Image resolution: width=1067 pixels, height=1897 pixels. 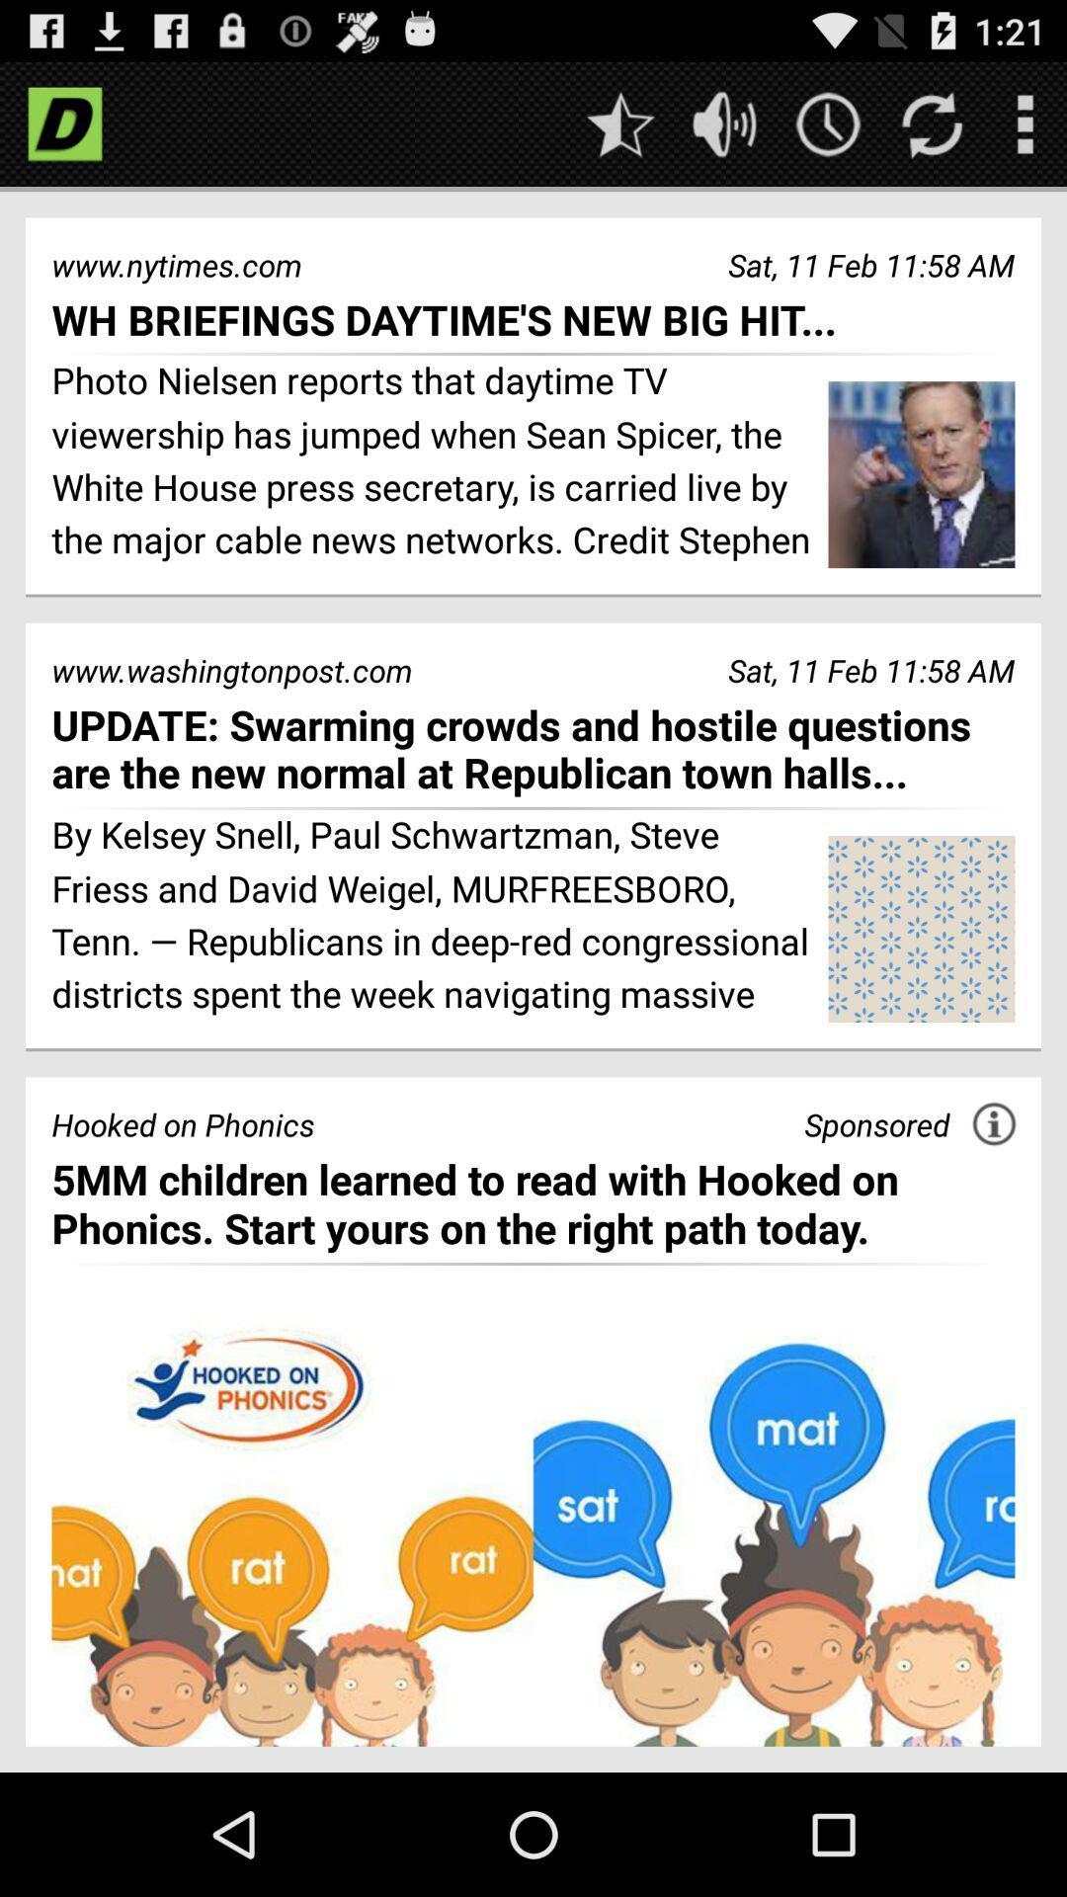 What do you see at coordinates (828, 131) in the screenshot?
I see `the time icon` at bounding box center [828, 131].